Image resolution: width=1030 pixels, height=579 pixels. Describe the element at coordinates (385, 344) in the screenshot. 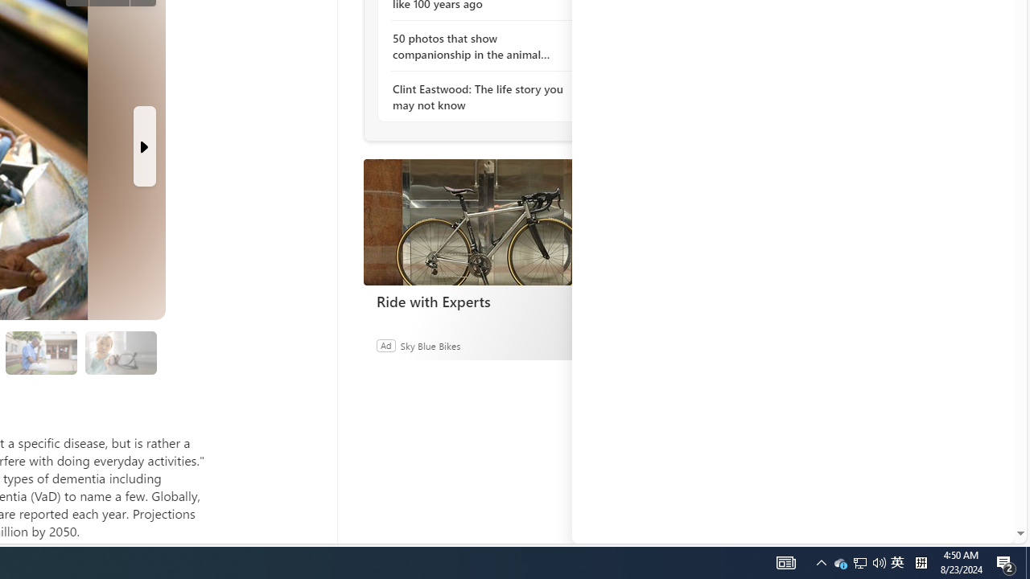

I see `'Ad'` at that location.